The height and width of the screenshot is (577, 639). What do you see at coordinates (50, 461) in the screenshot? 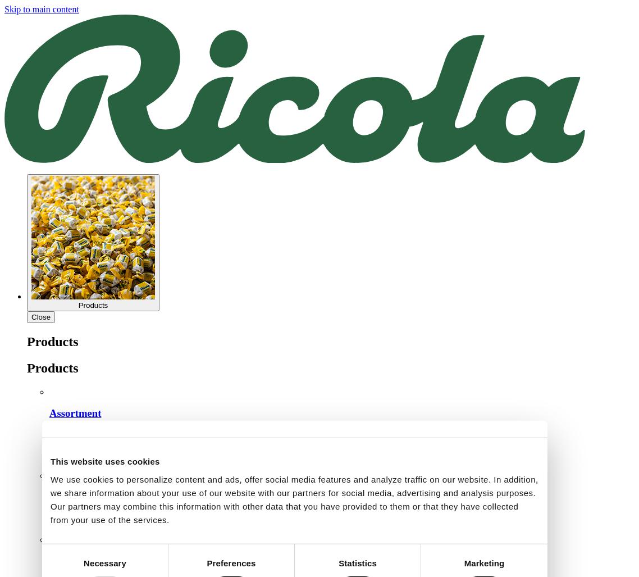
I see `'This website uses cookies'` at bounding box center [50, 461].